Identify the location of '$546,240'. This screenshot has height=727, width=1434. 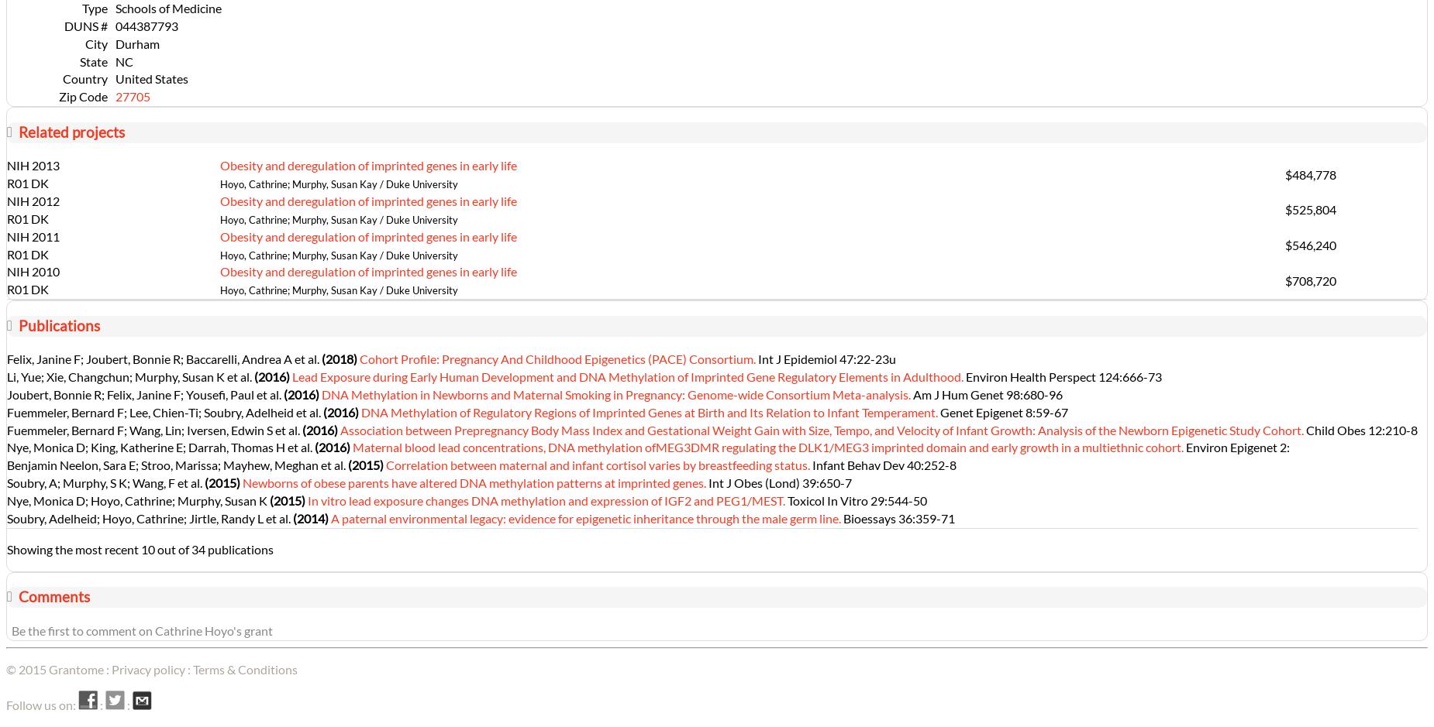
(1309, 245).